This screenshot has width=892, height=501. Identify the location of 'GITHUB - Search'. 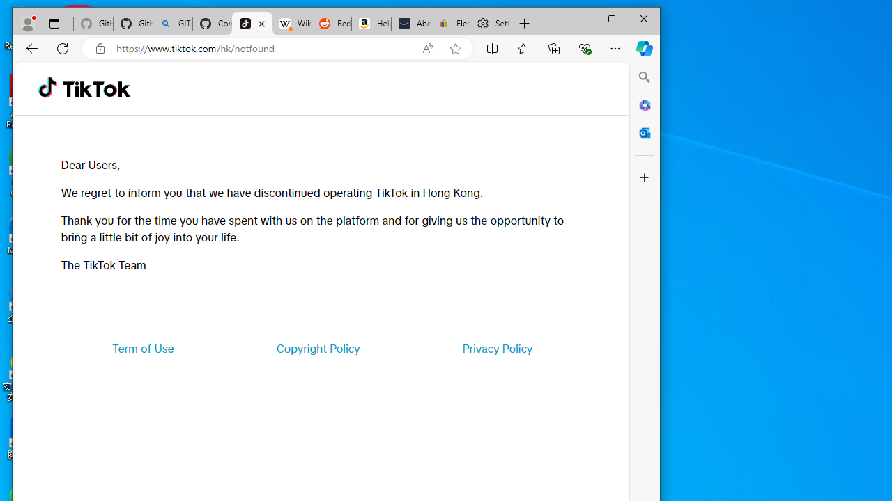
(172, 24).